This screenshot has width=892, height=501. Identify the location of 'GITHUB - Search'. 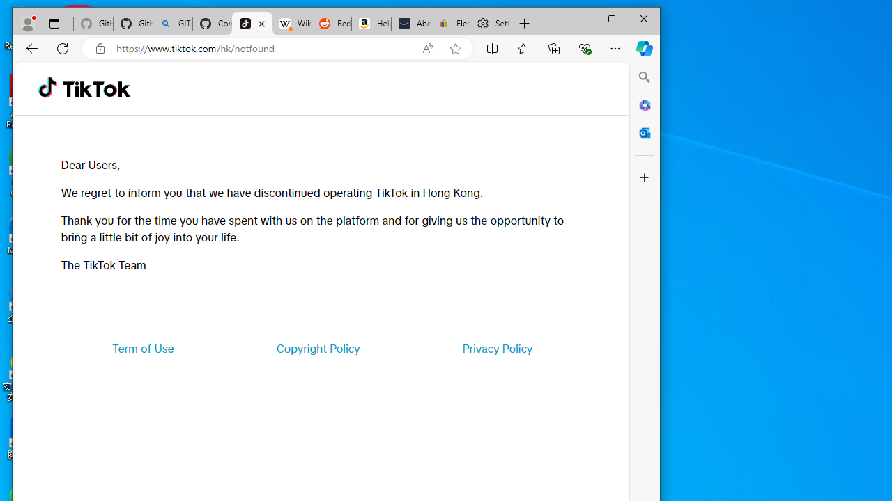
(172, 24).